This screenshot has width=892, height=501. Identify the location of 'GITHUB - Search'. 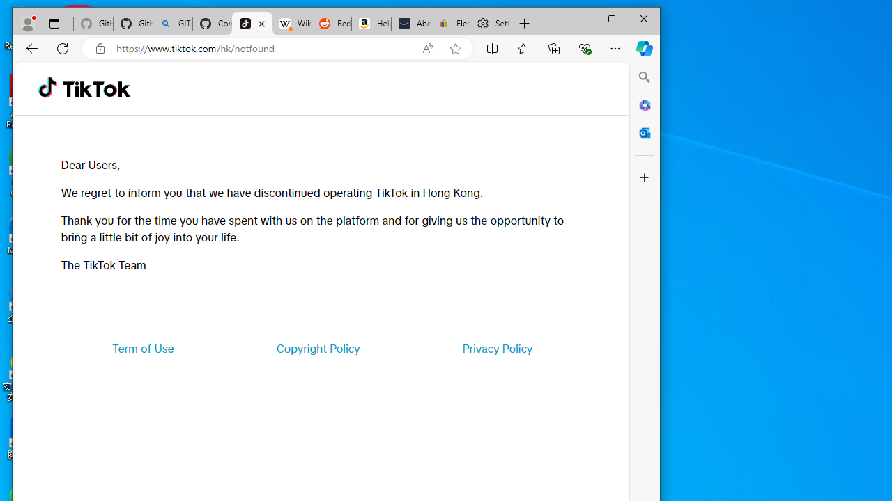
(172, 24).